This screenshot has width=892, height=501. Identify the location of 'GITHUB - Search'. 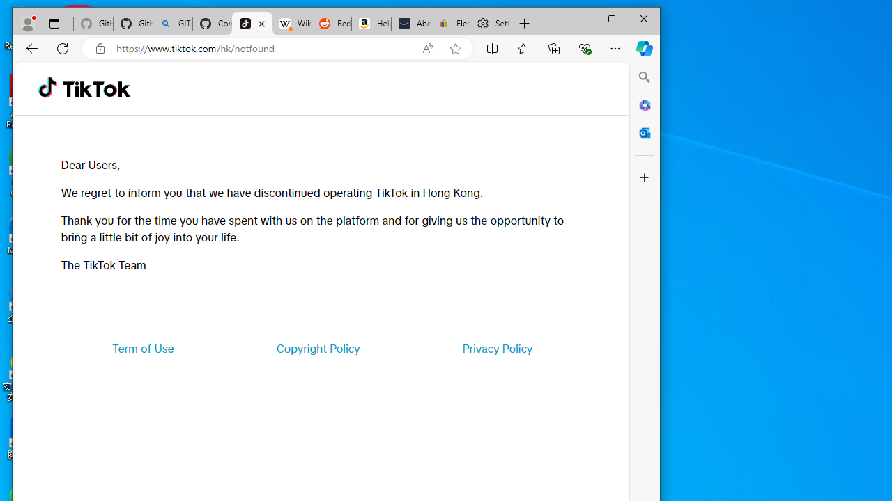
(172, 24).